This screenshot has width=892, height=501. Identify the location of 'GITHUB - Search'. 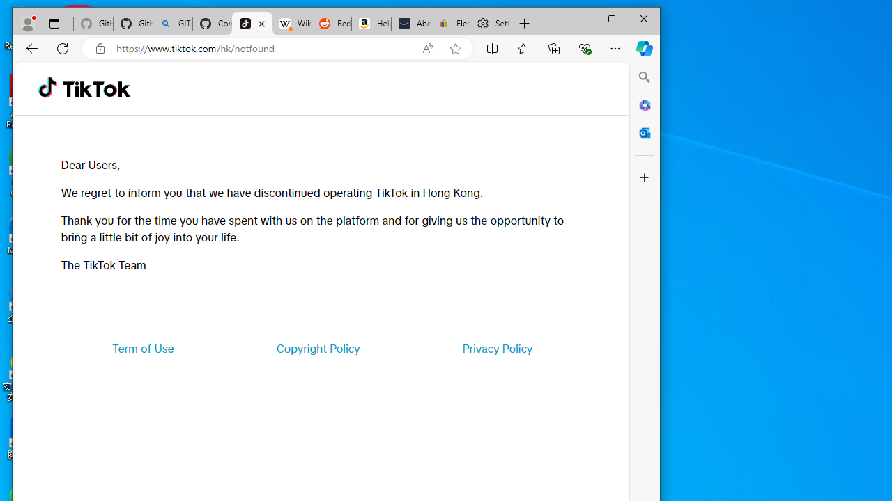
(172, 24).